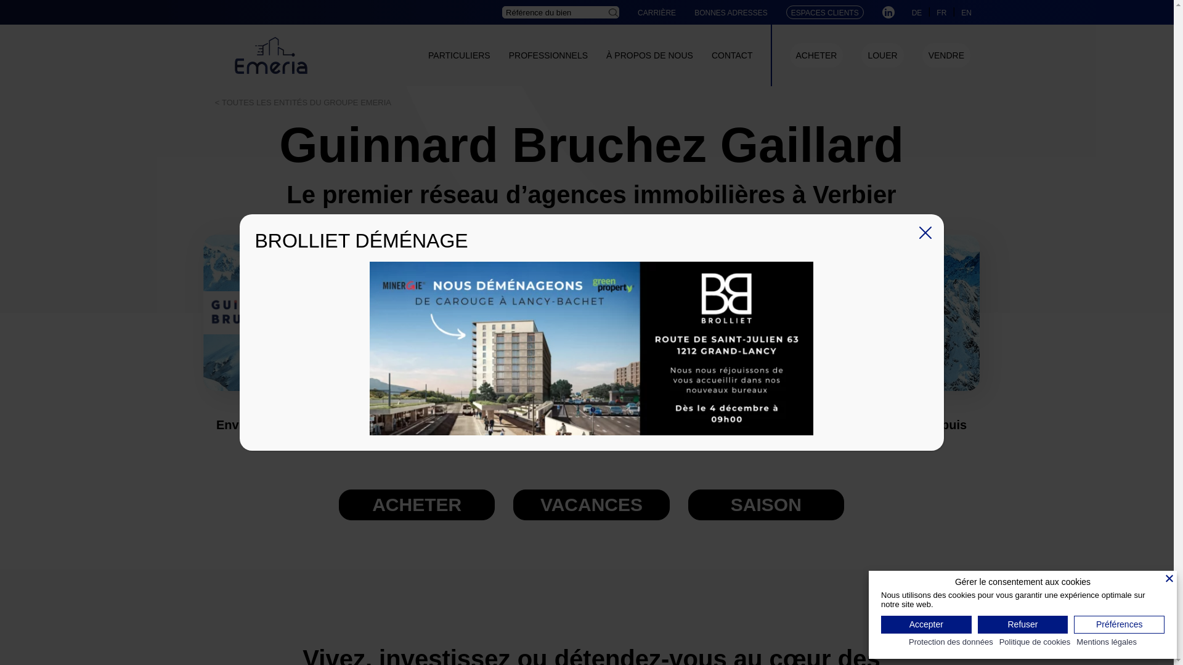 The height and width of the screenshot is (665, 1183). Describe the element at coordinates (816, 54) in the screenshot. I see `'ACHETER'` at that location.